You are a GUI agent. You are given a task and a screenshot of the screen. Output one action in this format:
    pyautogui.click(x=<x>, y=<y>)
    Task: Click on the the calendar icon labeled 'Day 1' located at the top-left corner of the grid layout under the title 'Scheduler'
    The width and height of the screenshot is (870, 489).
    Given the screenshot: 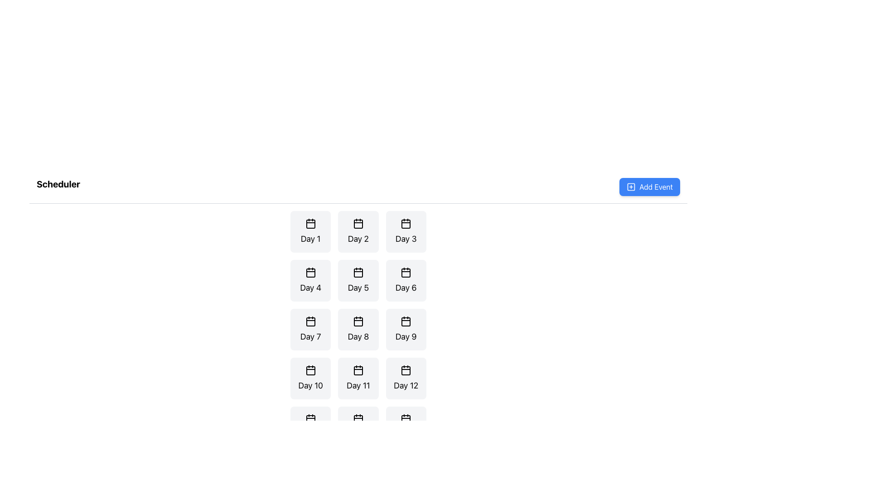 What is the action you would take?
    pyautogui.click(x=310, y=224)
    